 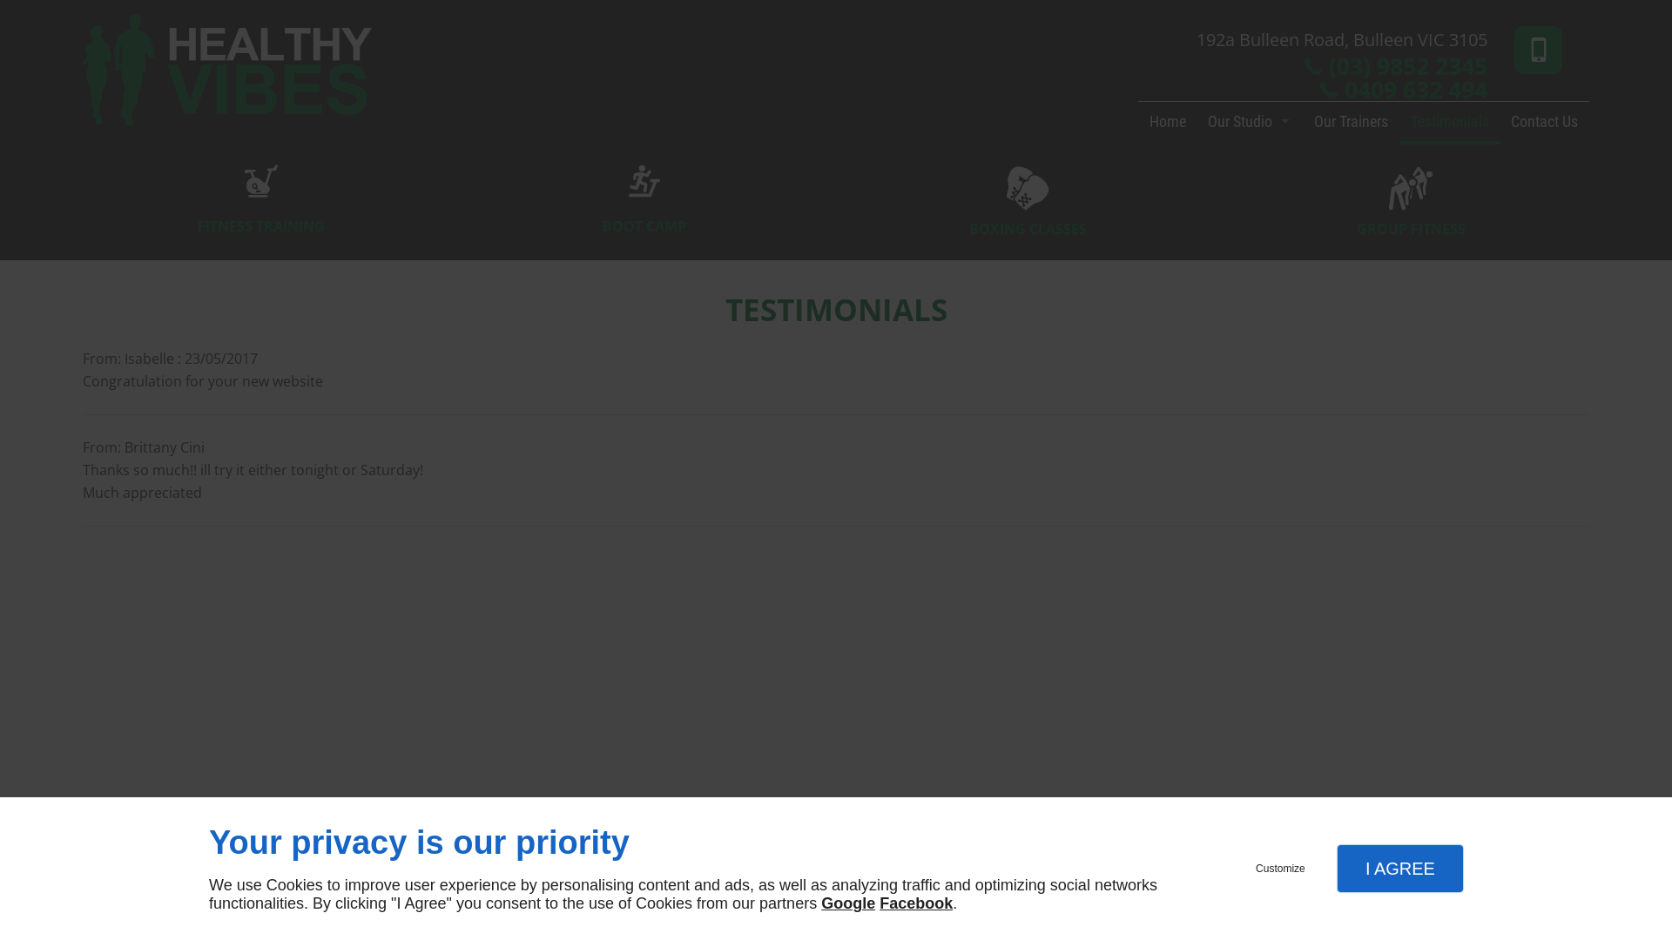 What do you see at coordinates (1411, 219) in the screenshot?
I see `'GROUP FITNESS'` at bounding box center [1411, 219].